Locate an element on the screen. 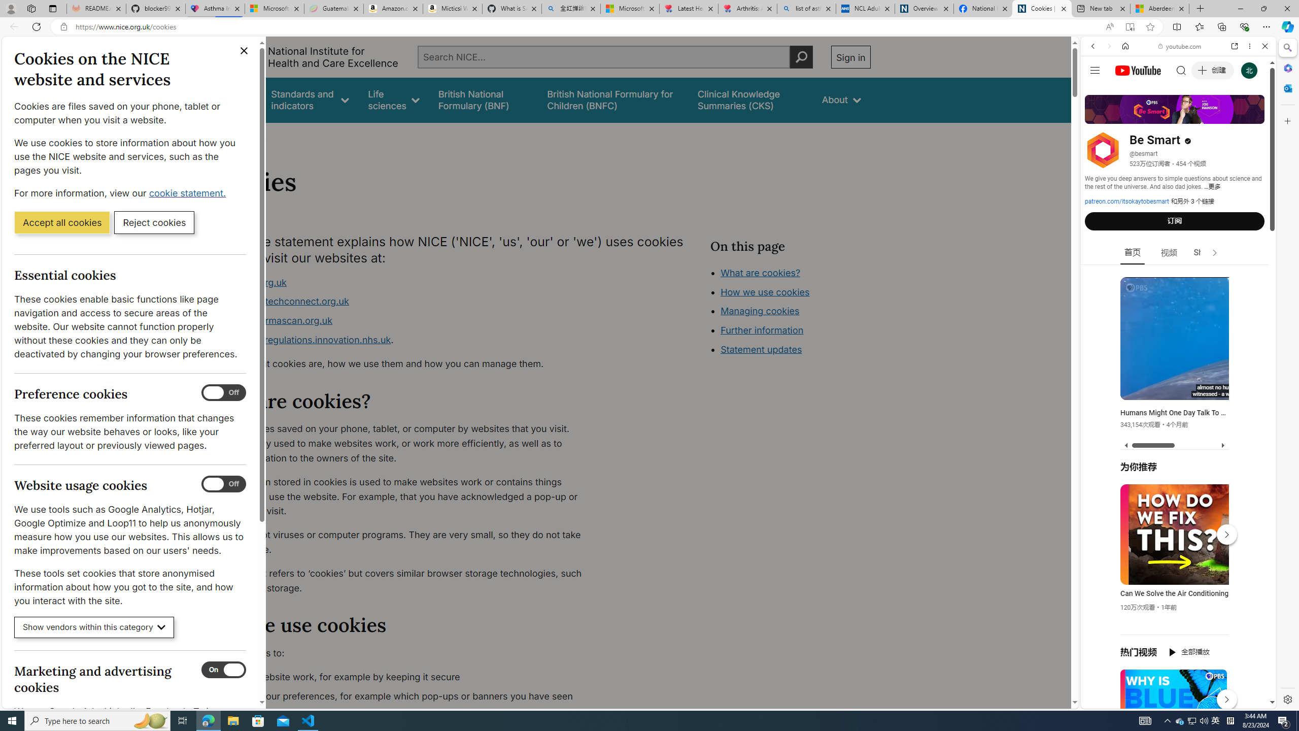 This screenshot has width=1299, height=731. '#you' is located at coordinates (1177, 226).